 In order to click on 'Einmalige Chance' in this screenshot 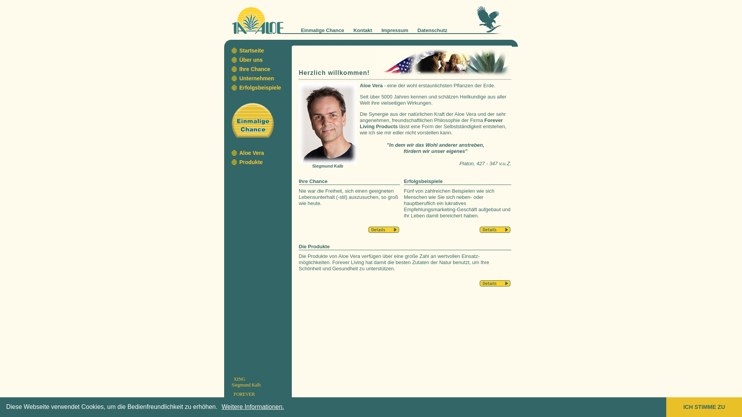, I will do `click(322, 30)`.